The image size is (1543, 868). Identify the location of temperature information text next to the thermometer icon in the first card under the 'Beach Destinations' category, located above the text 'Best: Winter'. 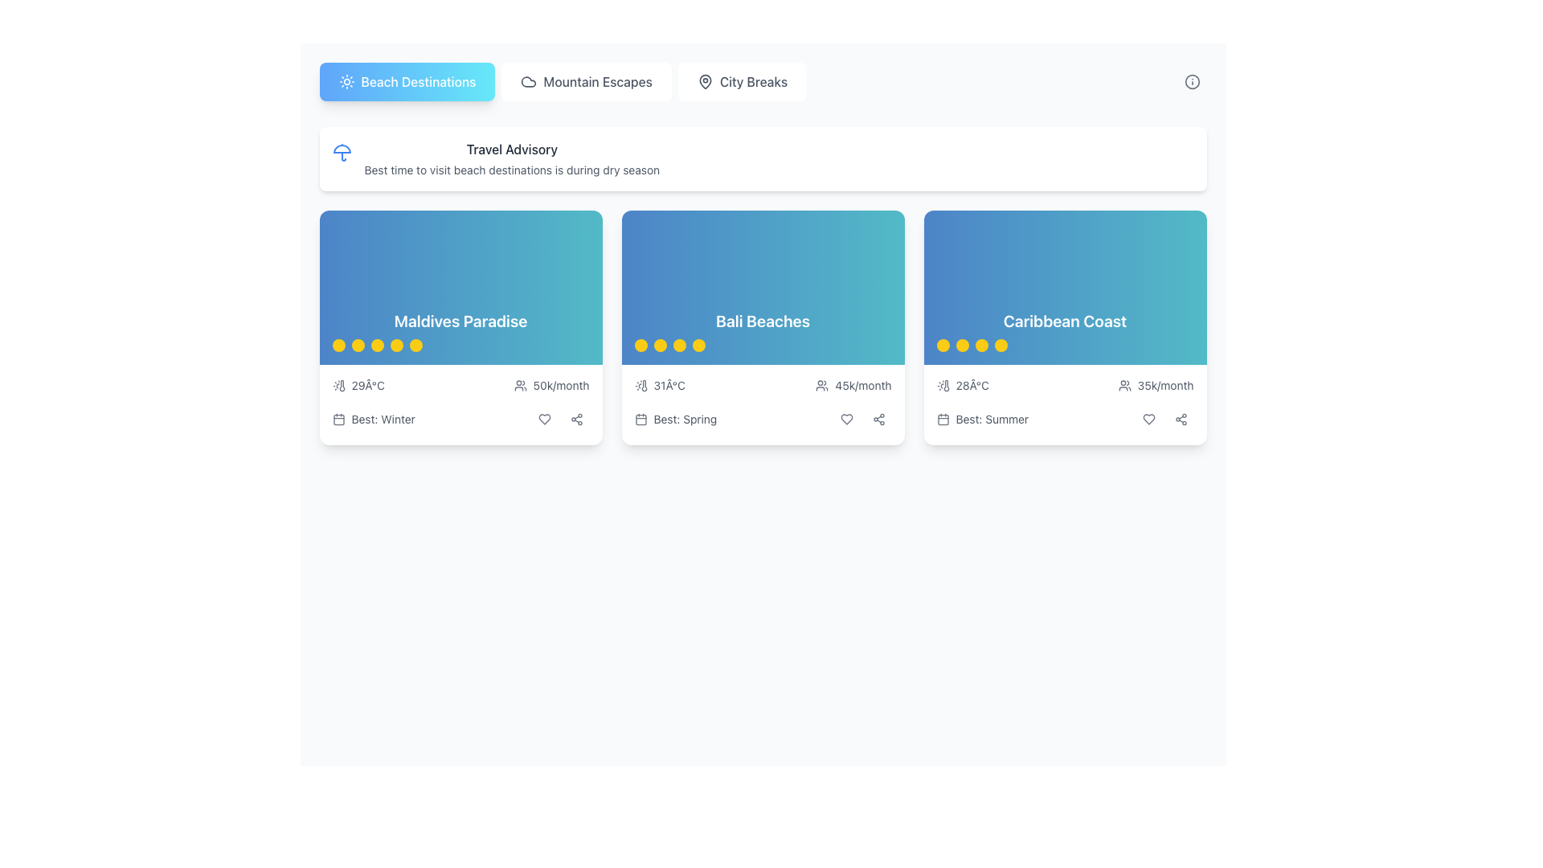
(358, 385).